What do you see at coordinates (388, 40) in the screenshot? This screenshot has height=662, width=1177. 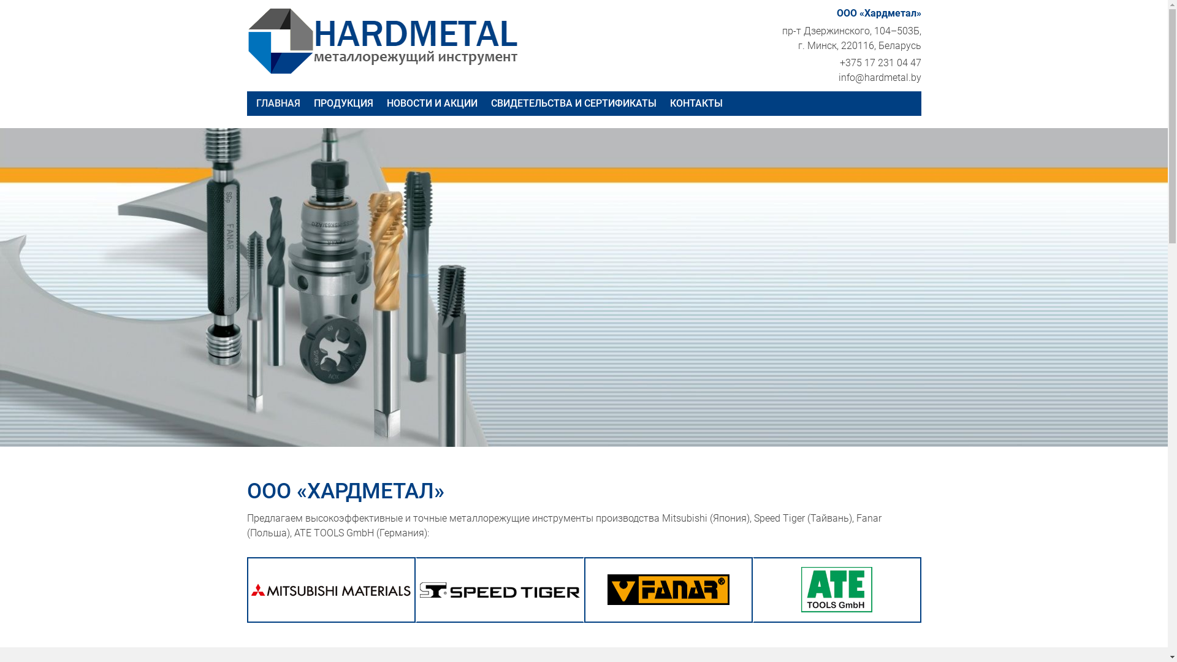 I see `'hardmetal2'` at bounding box center [388, 40].